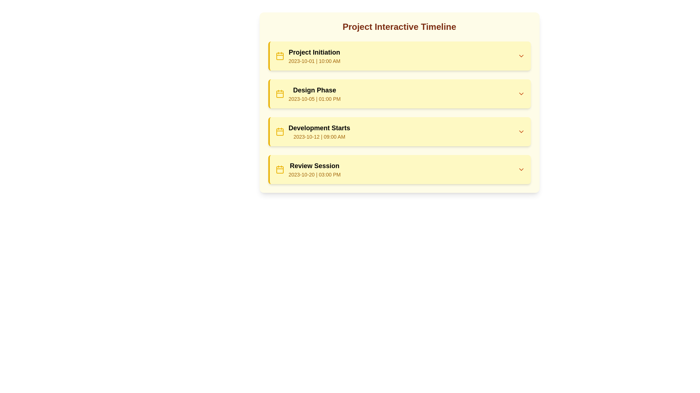 Image resolution: width=700 pixels, height=393 pixels. I want to click on the Interactive List Item with Date and Time Details labeled 'Development Starts2023-10-12 | 09:00 AM', so click(400, 132).